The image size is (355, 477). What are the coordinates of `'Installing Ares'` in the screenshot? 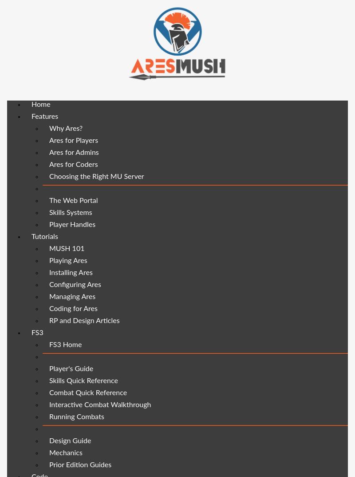 It's located at (71, 272).